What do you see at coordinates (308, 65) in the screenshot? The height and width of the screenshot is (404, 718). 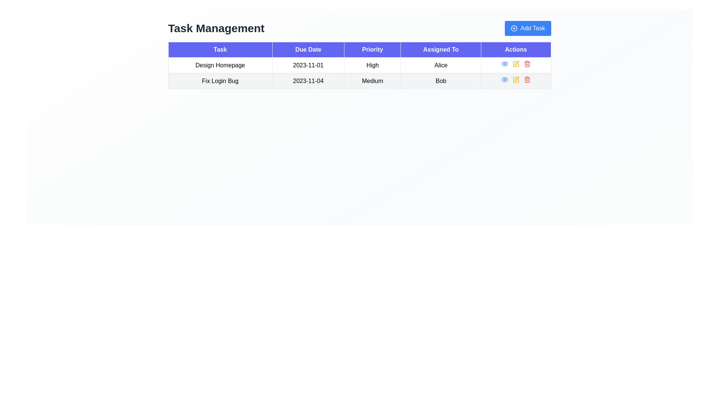 I see `the table cell displaying the date '2023-11-01', which is centrally aligned in the second column of the first data row under the 'Due Date' header` at bounding box center [308, 65].